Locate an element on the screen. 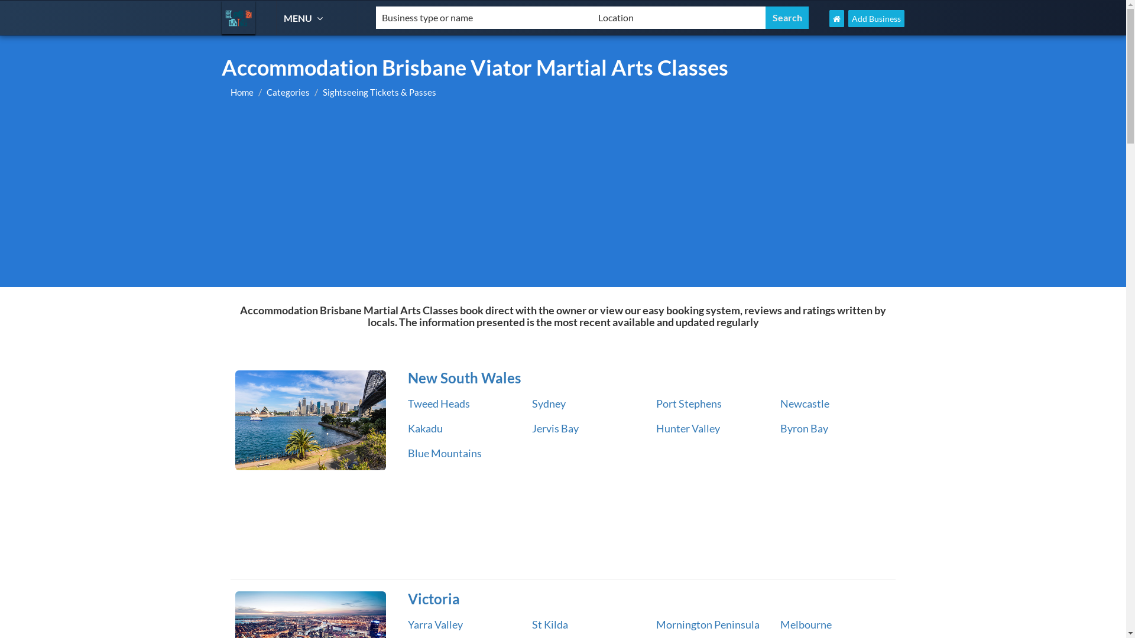 The width and height of the screenshot is (1135, 638). 'Newcastle' is located at coordinates (804, 402).